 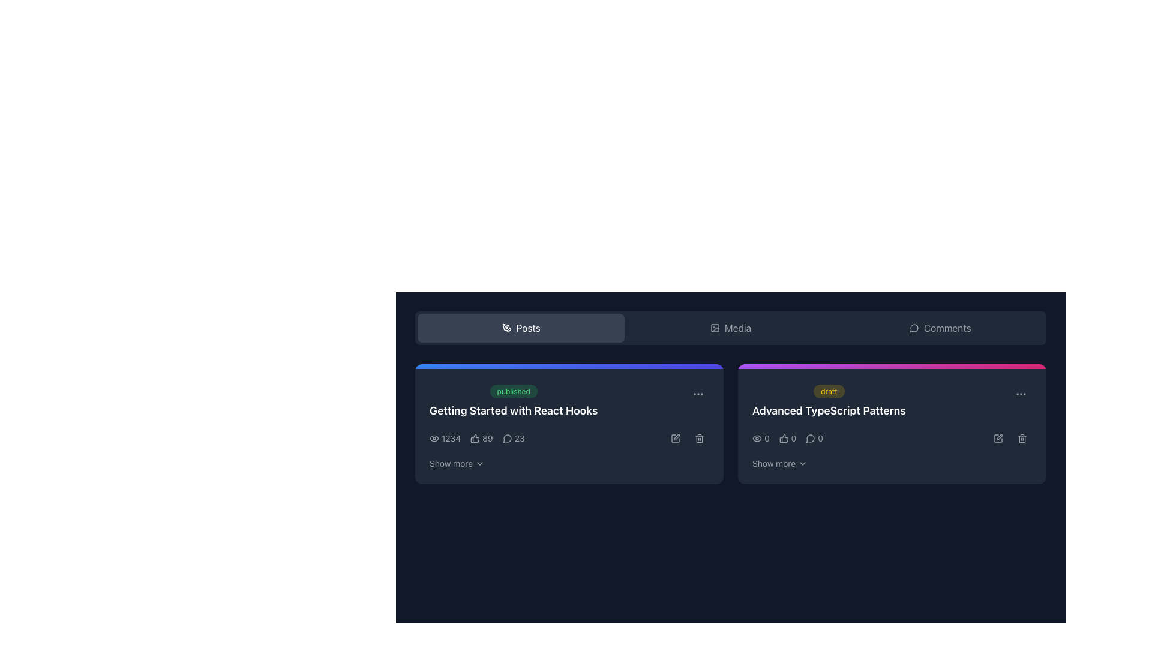 What do you see at coordinates (475, 439) in the screenshot?
I see `the thumbs-up icon located in the 'Getting Started with React Hooks' section of the first card` at bounding box center [475, 439].